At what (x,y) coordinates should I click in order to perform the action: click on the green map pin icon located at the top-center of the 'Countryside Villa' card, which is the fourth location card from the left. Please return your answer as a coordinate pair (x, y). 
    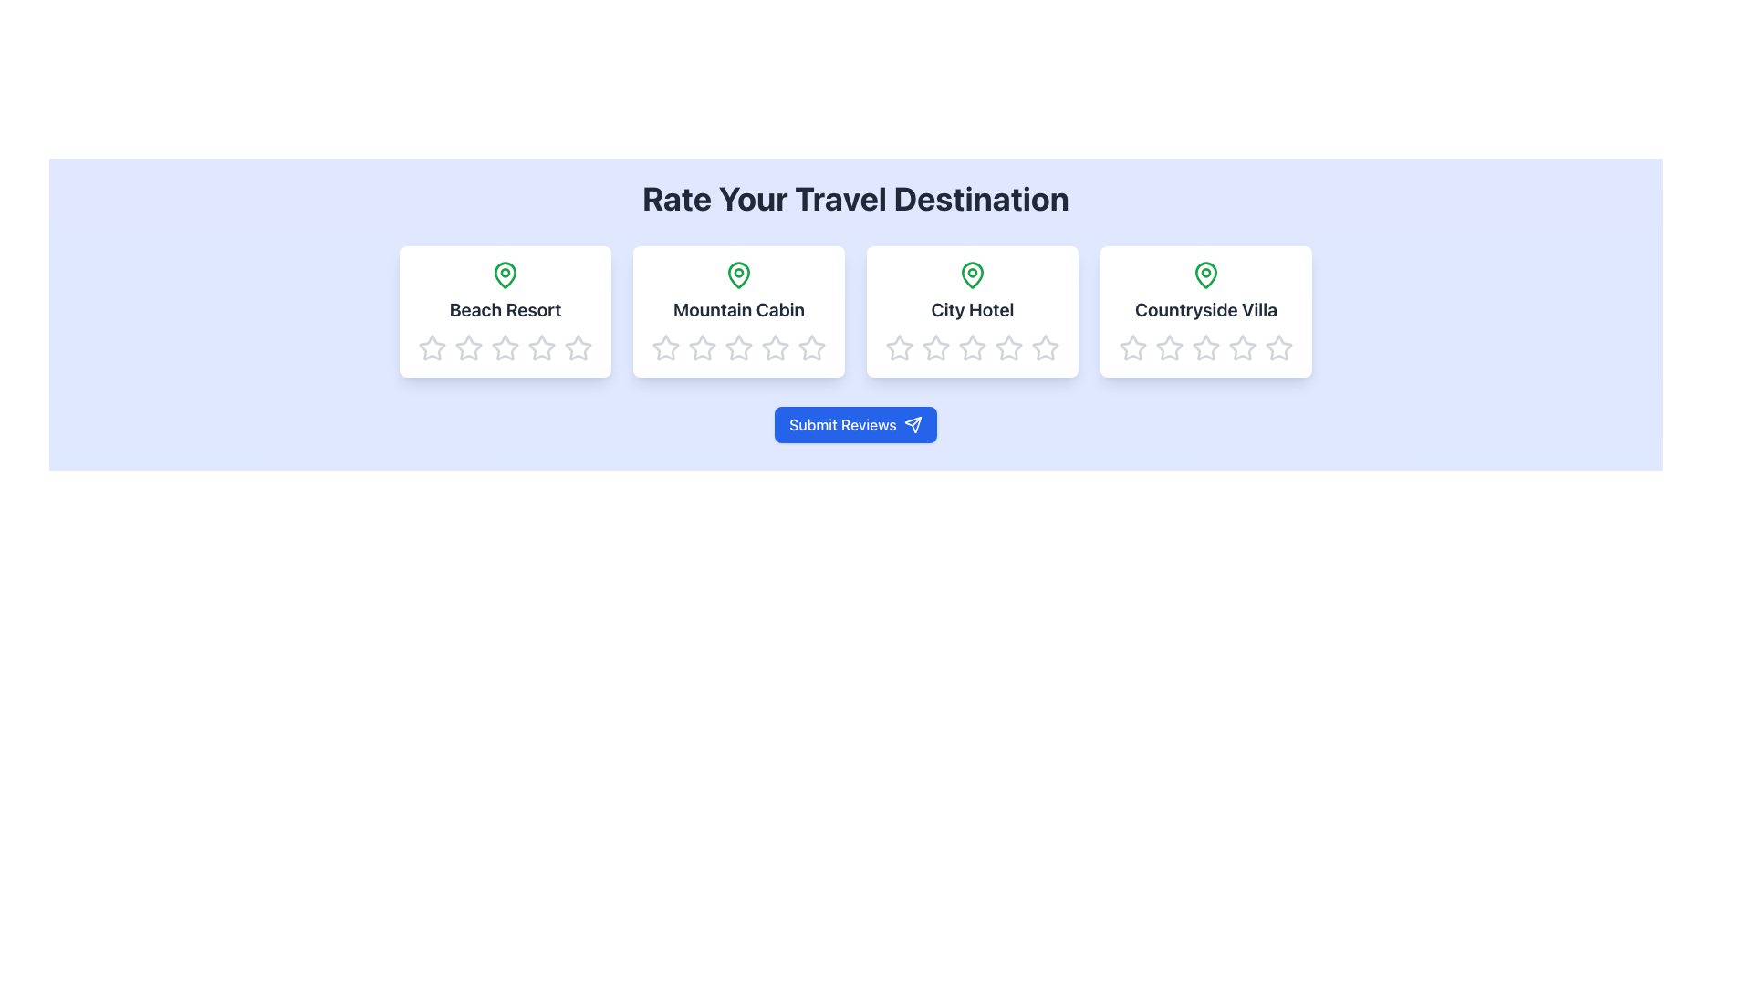
    Looking at the image, I should click on (1205, 274).